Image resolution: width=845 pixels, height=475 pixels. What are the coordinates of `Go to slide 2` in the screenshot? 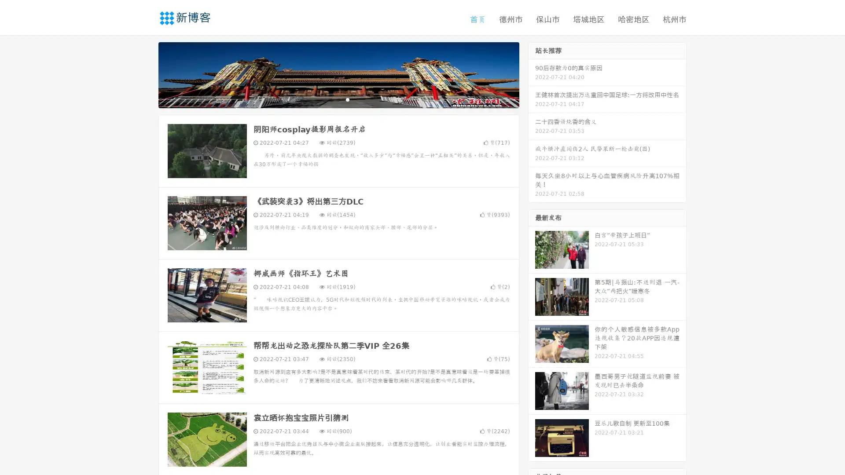 It's located at (338, 99).